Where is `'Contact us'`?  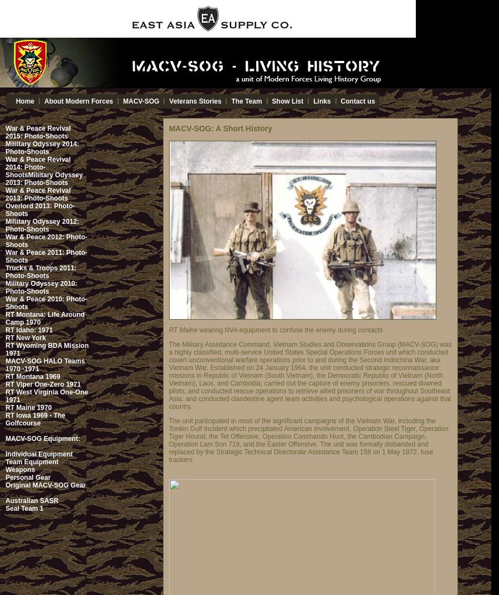
'Contact us' is located at coordinates (340, 101).